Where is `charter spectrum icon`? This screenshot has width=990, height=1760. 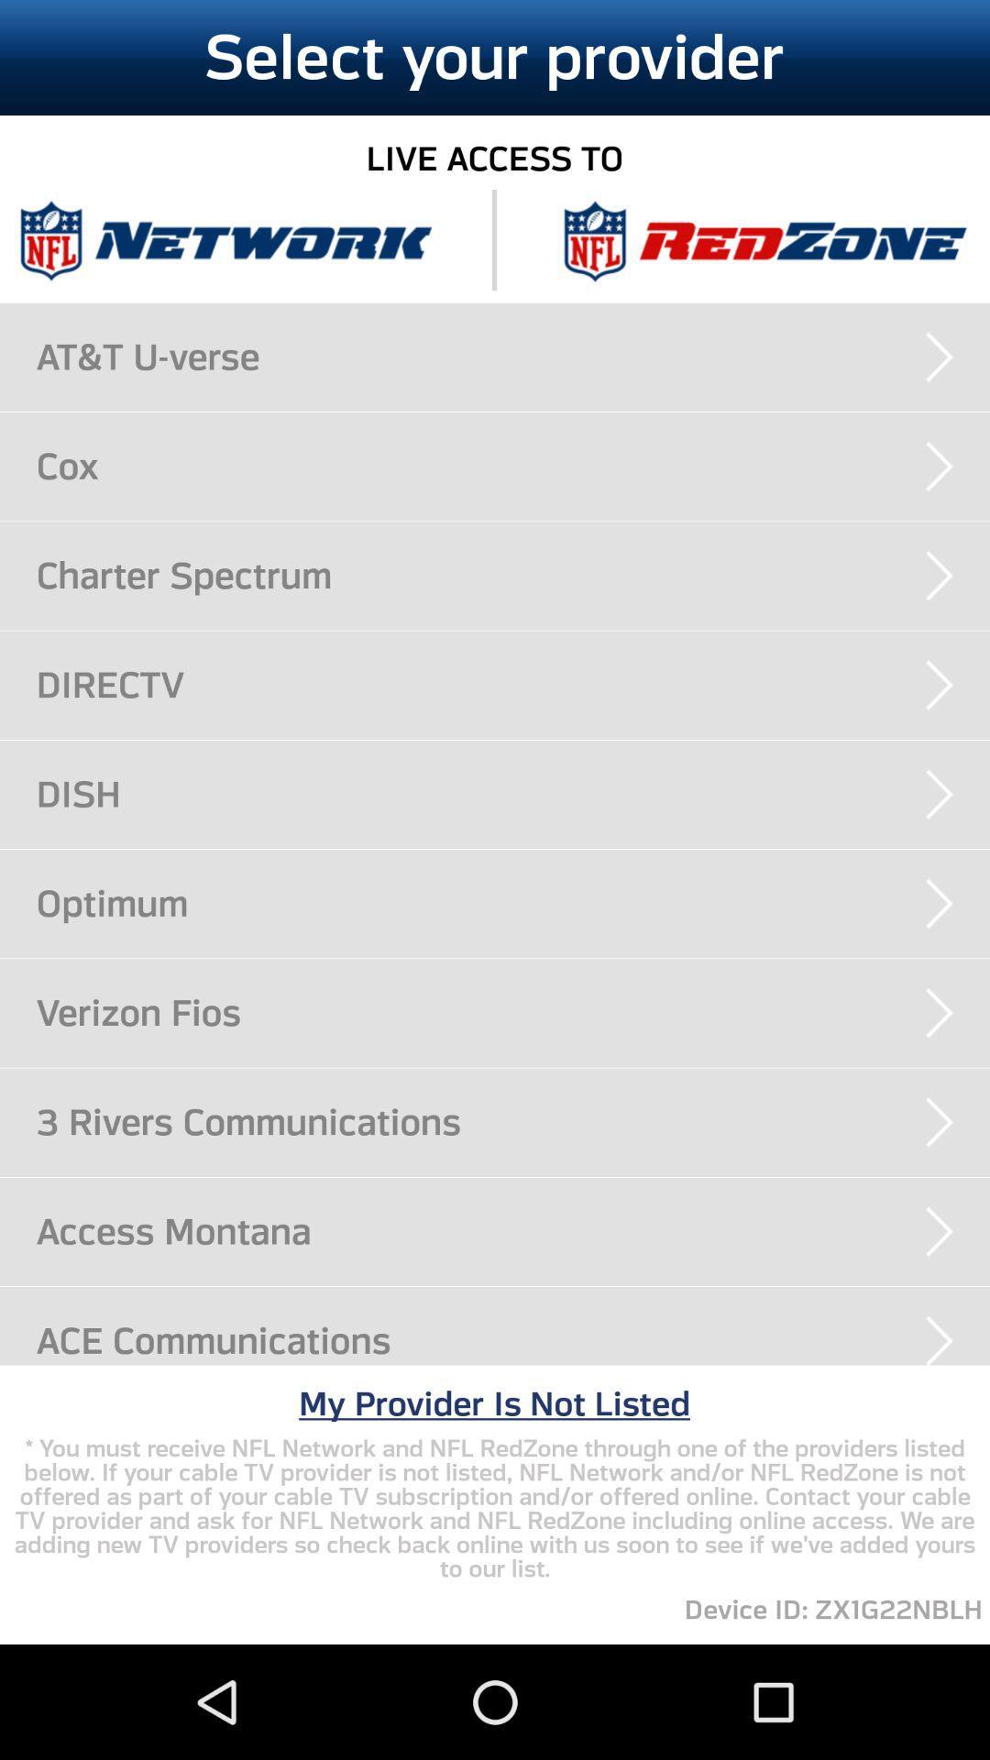
charter spectrum icon is located at coordinates (512, 575).